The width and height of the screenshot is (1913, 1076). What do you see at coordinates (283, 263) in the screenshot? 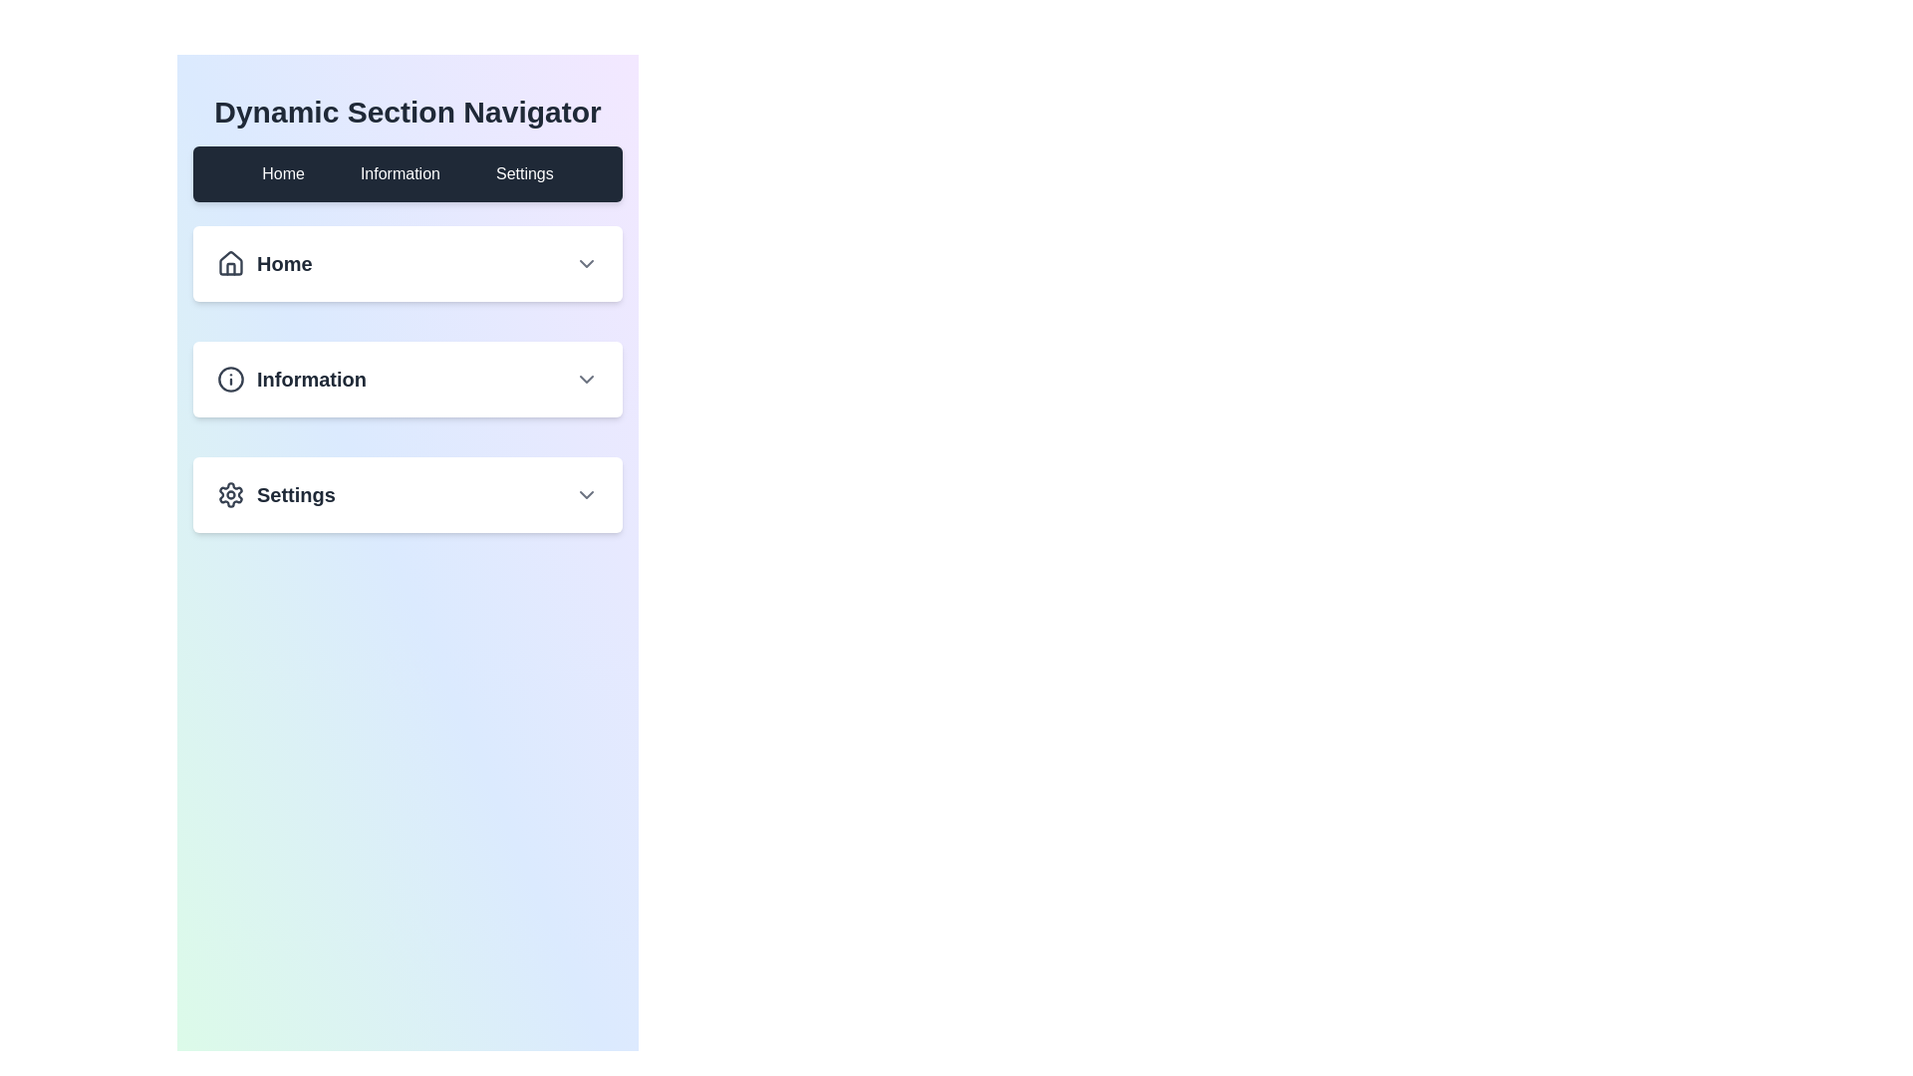
I see `the 'Home' text label` at bounding box center [283, 263].